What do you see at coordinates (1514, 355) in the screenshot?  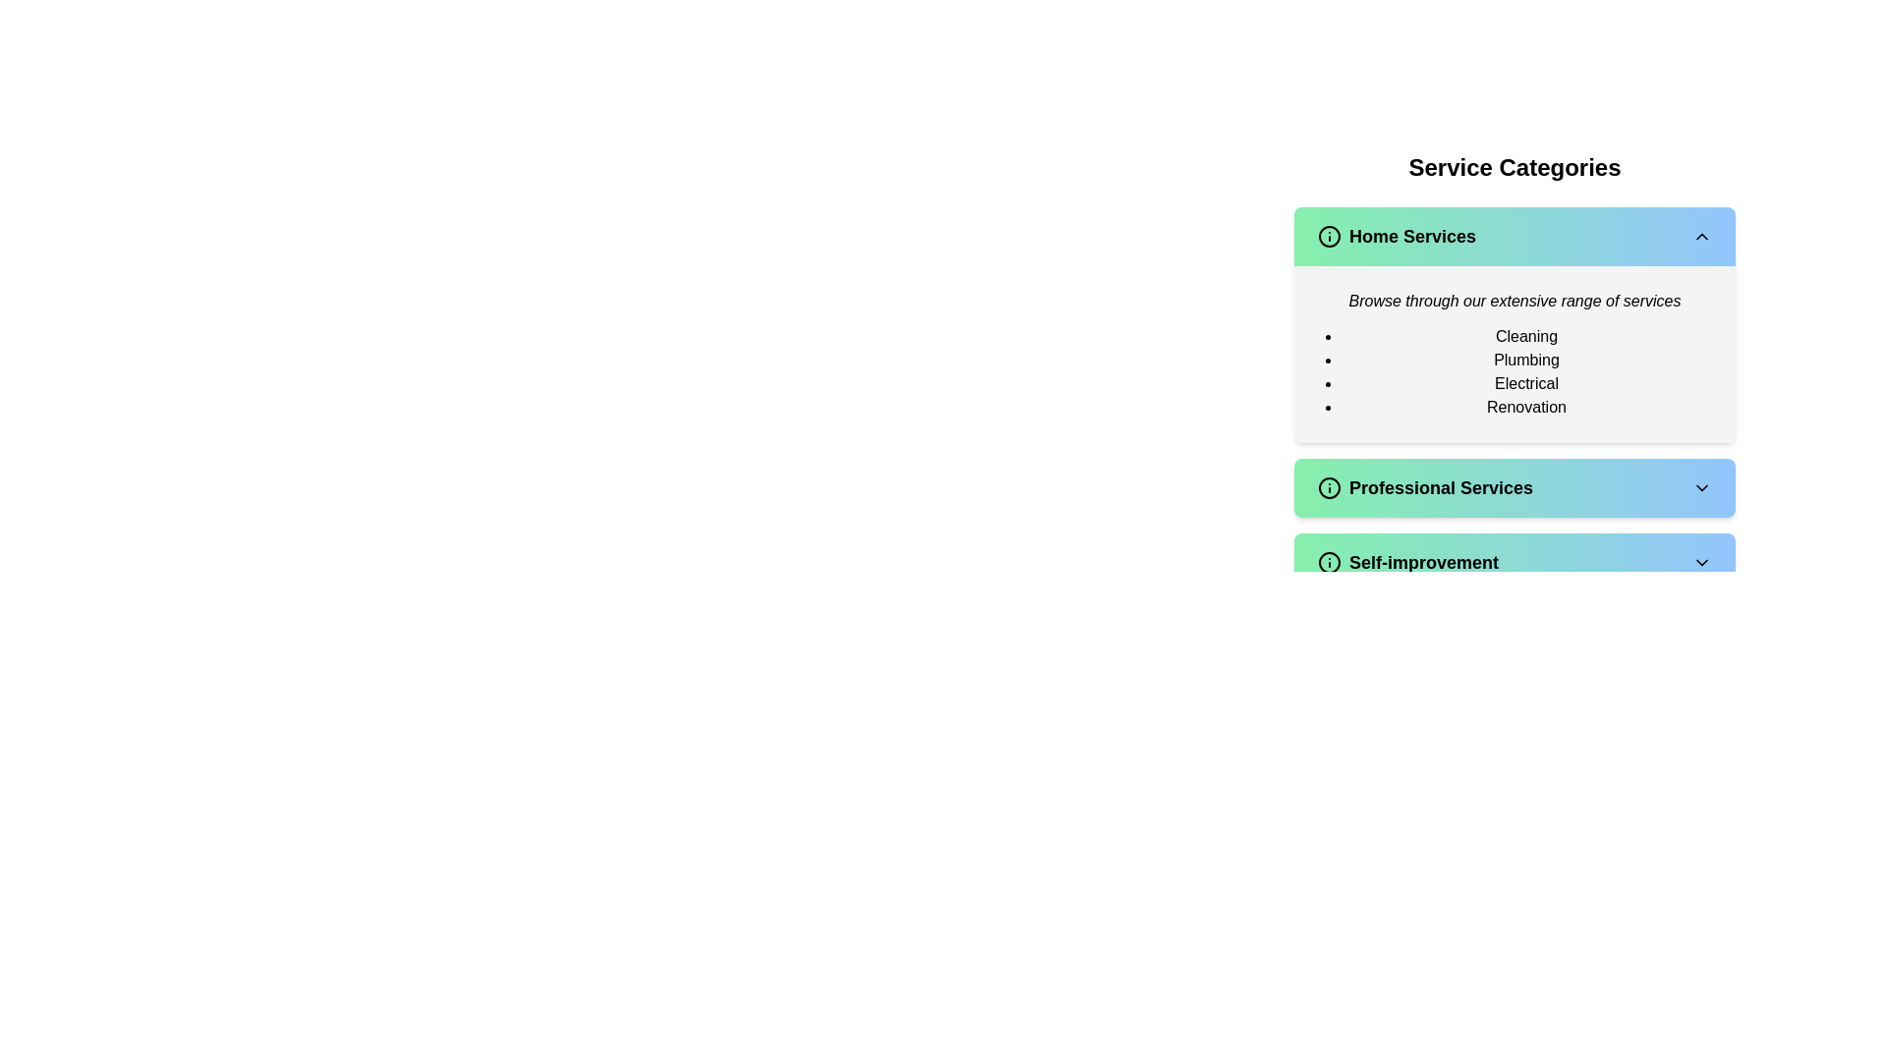 I see `the text block containing the title in italicized font and the bullet list of services such as 'Cleaning,' 'Plumbing,' 'Electrical,' and 'Renovation' in the 'Home Services' section` at bounding box center [1514, 355].